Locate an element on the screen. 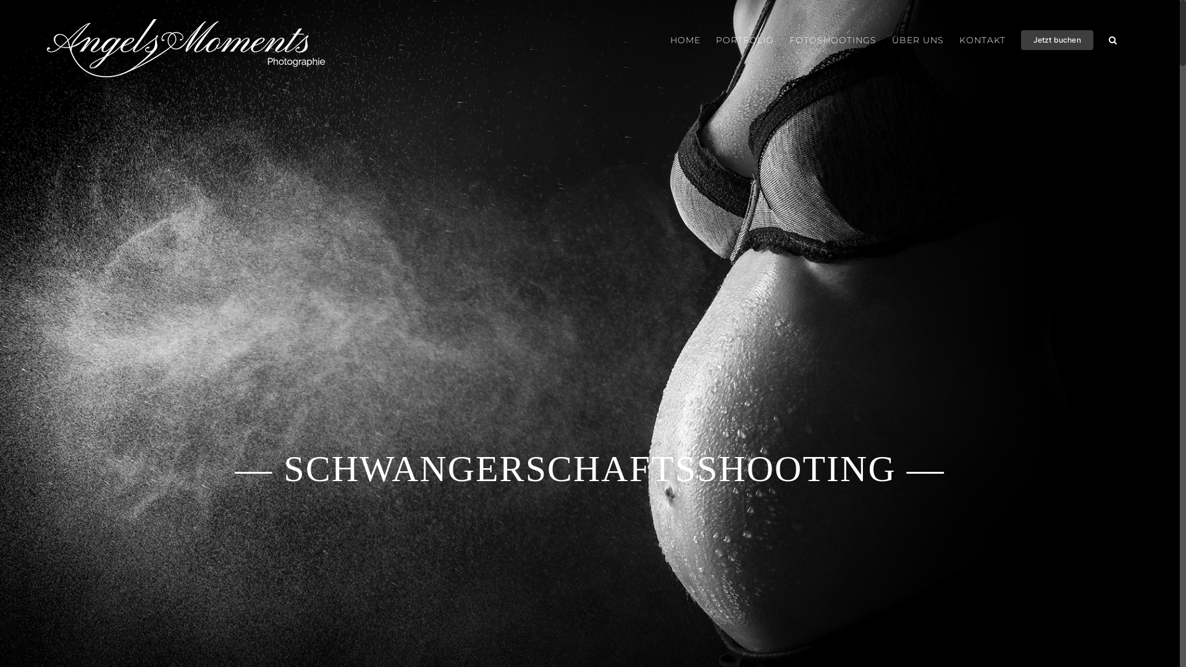  'Suche' is located at coordinates (1112, 40).